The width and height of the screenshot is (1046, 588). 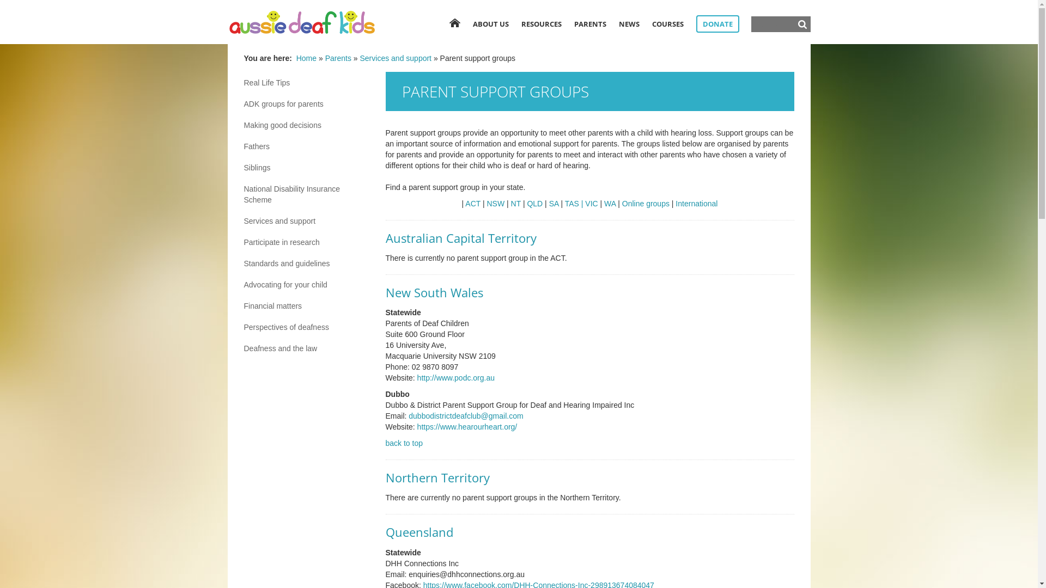 What do you see at coordinates (454, 23) in the screenshot?
I see `'HOME'` at bounding box center [454, 23].